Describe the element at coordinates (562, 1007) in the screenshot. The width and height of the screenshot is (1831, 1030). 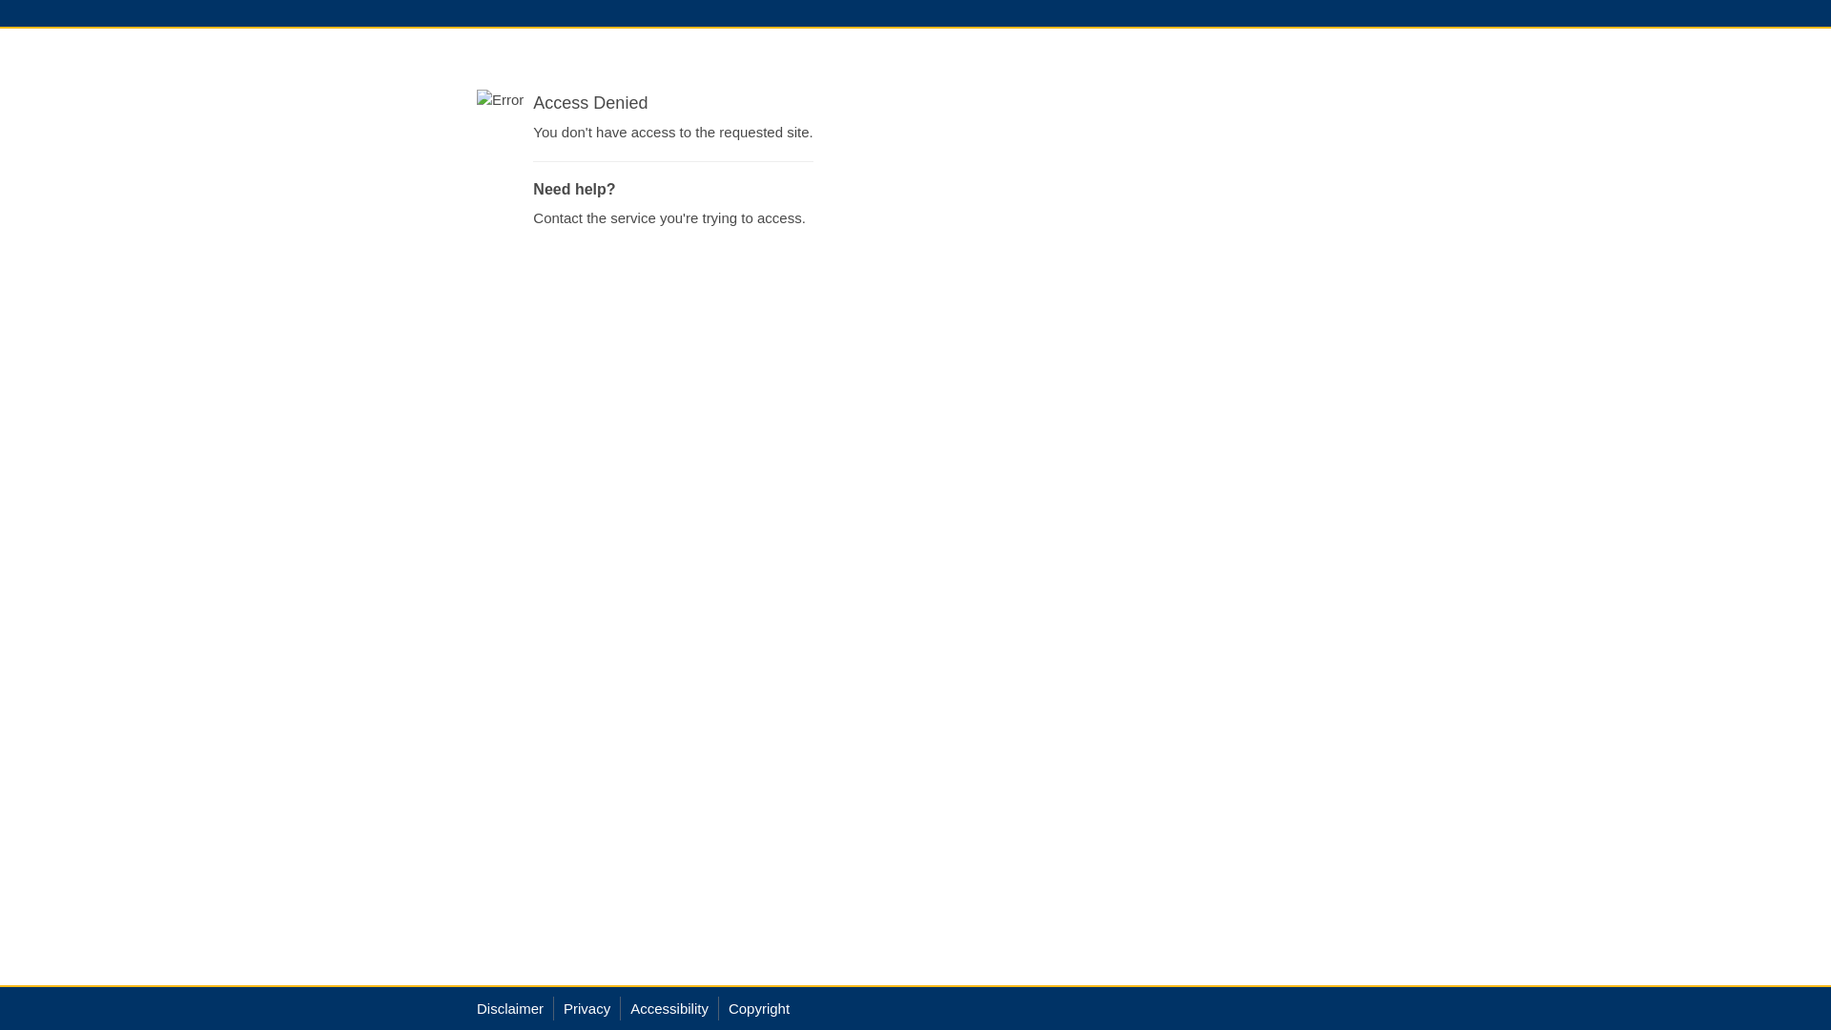
I see `'Privacy'` at that location.